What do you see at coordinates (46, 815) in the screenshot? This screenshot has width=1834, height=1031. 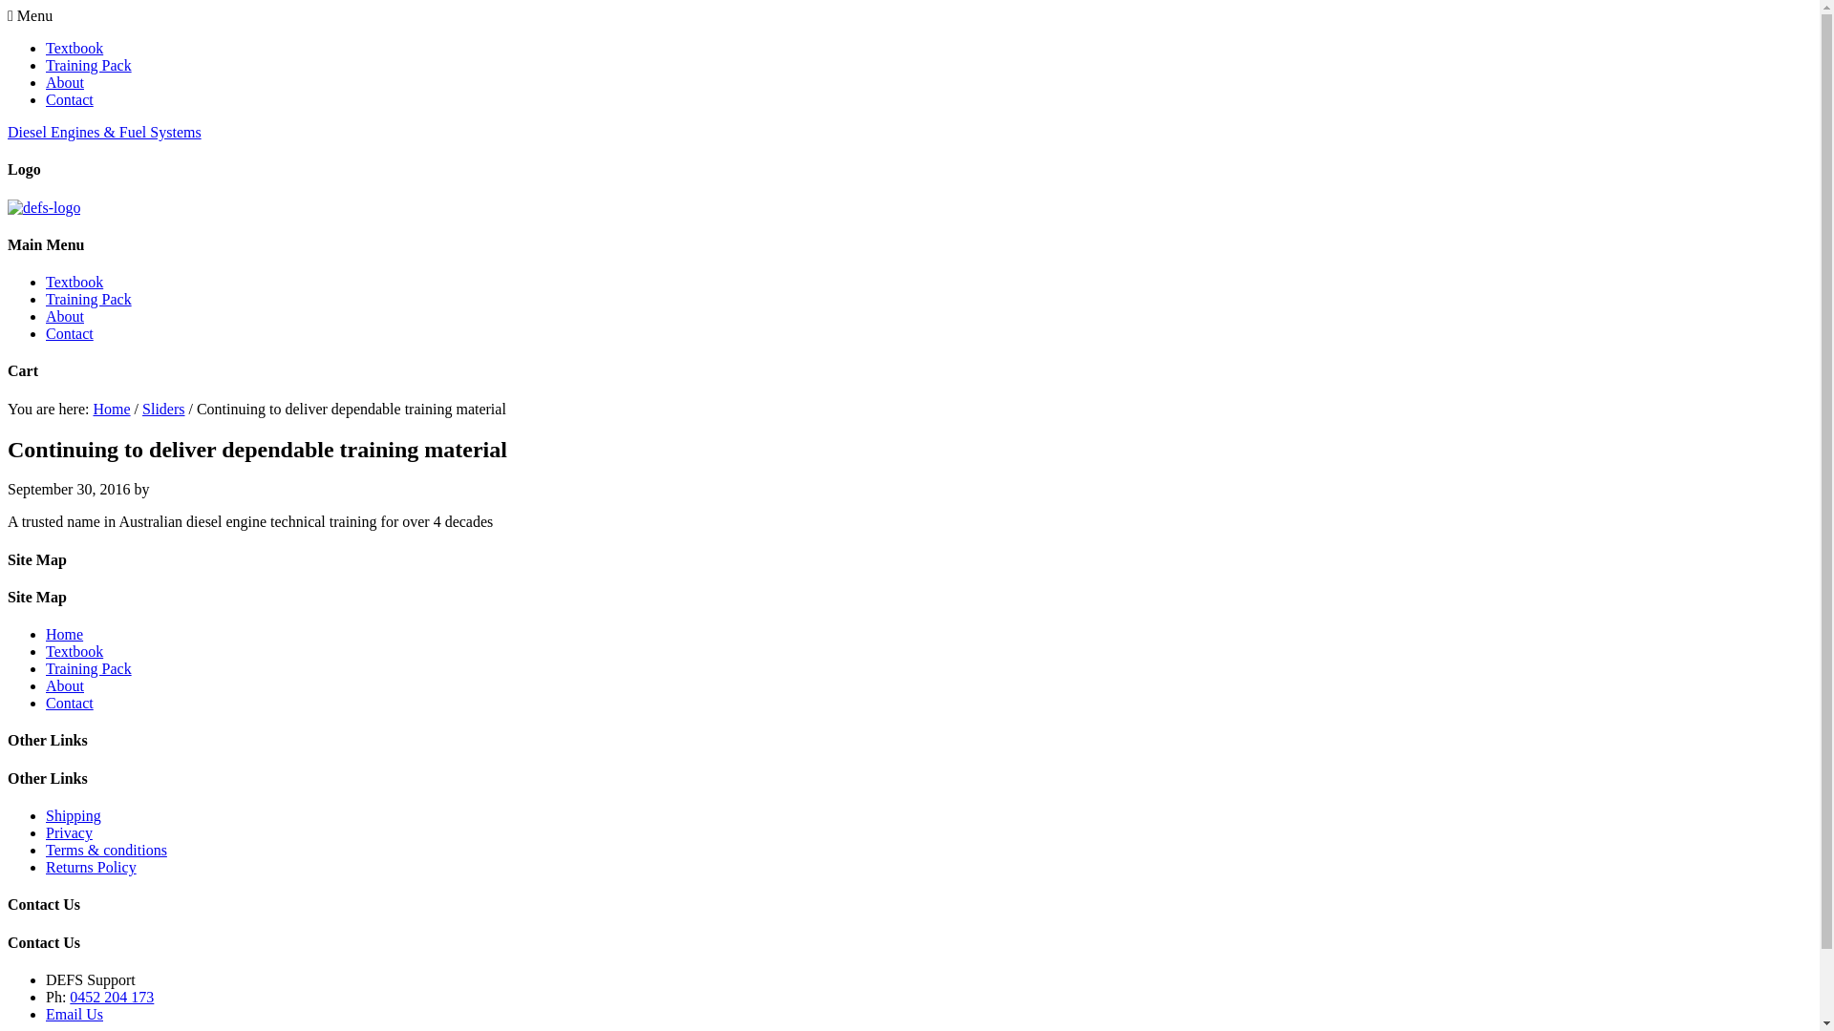 I see `'Shipping'` at bounding box center [46, 815].